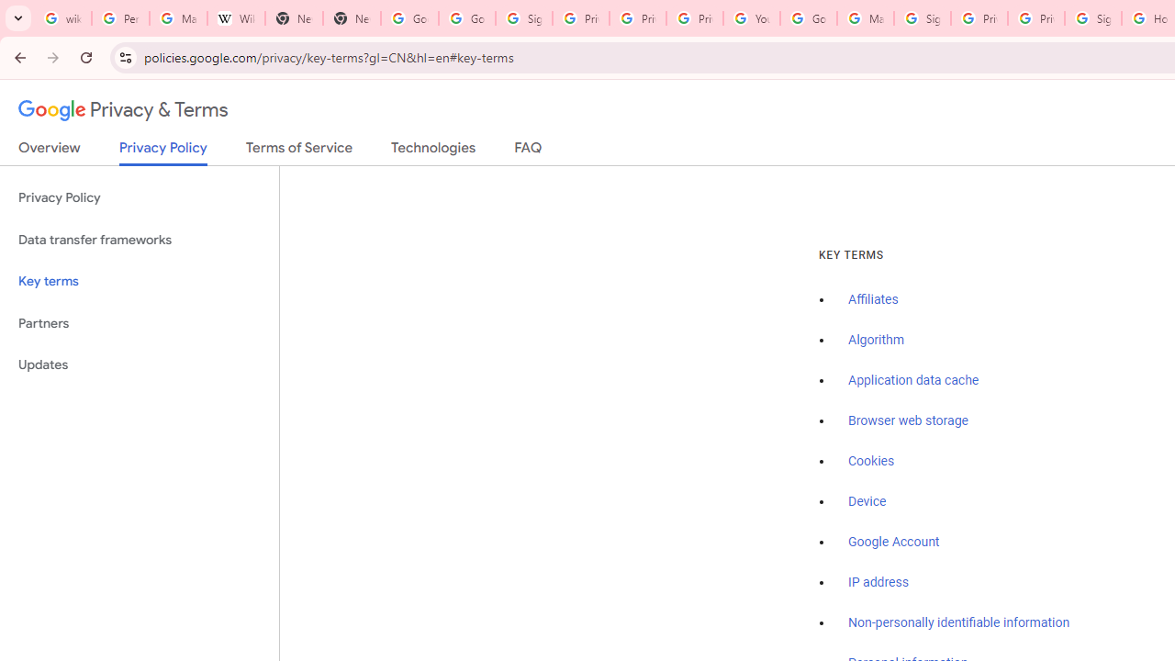 The width and height of the screenshot is (1175, 661). Describe the element at coordinates (872, 299) in the screenshot. I see `'Affiliates'` at that location.